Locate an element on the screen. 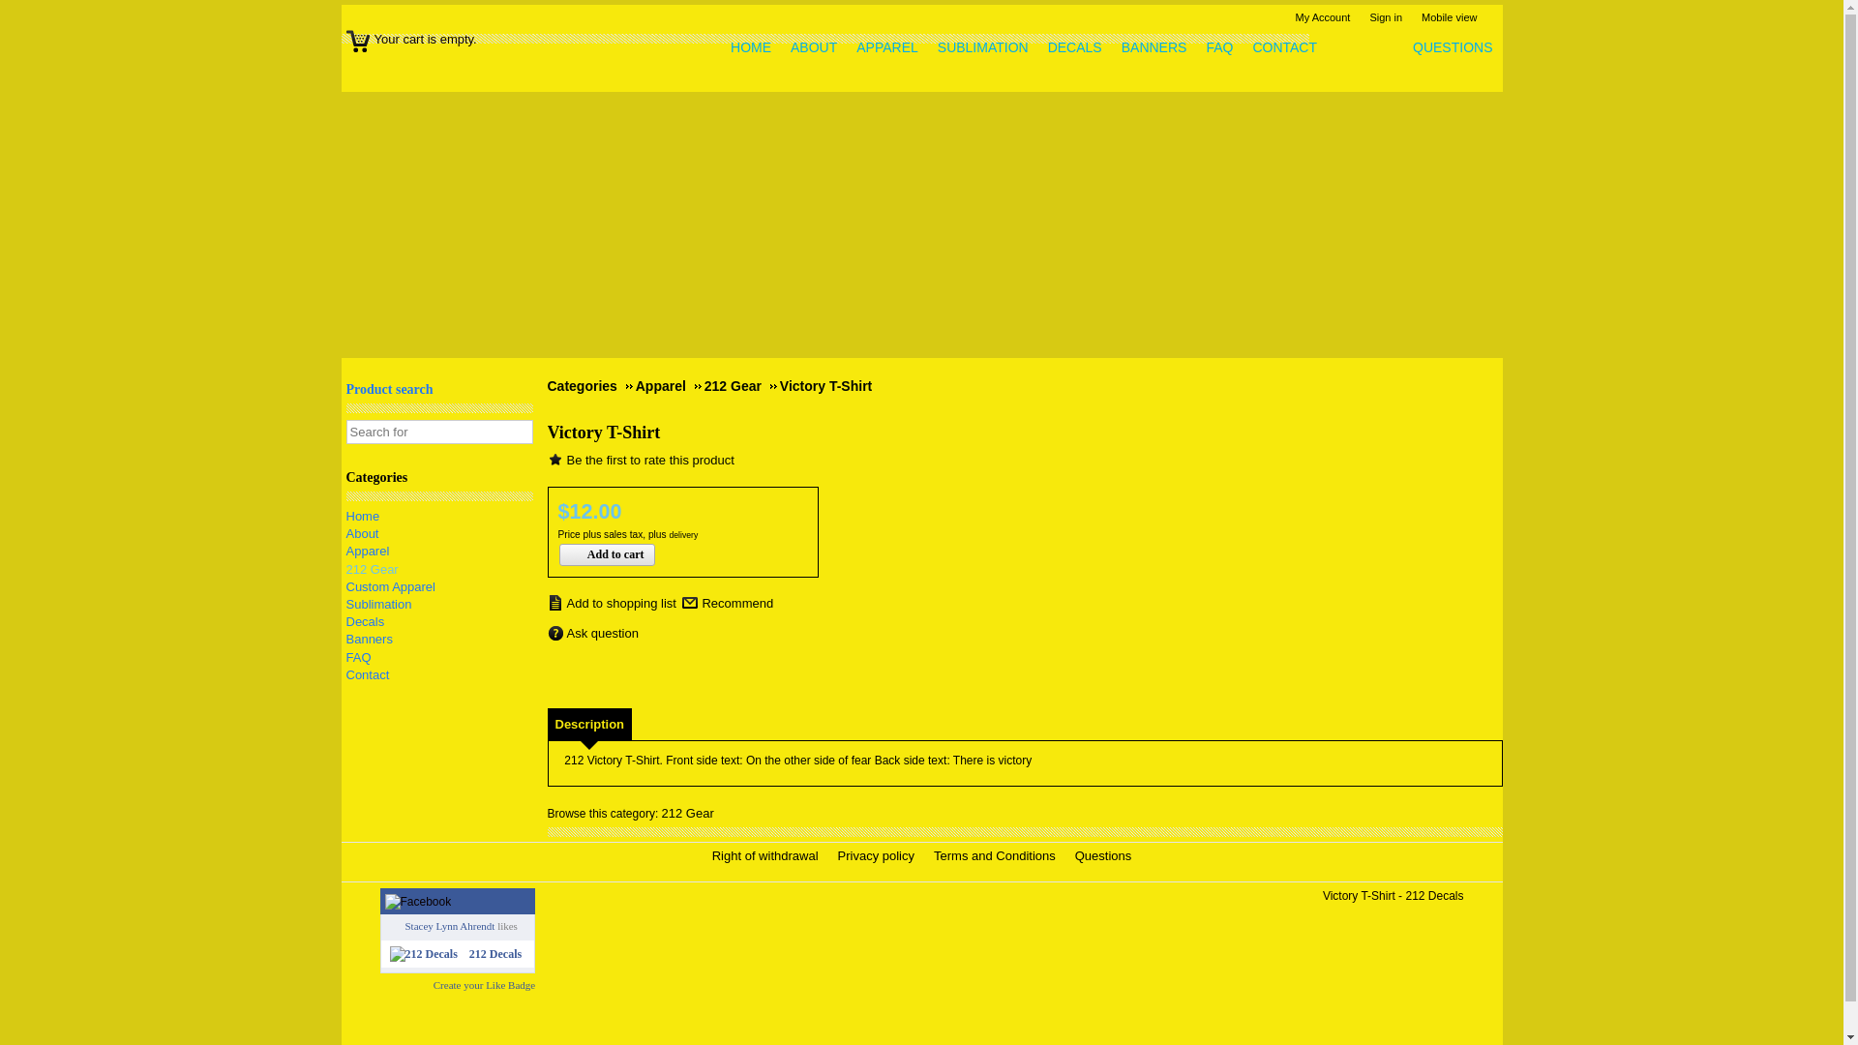 Image resolution: width=1858 pixels, height=1045 pixels. 'Be the first to rate this product' is located at coordinates (641, 461).